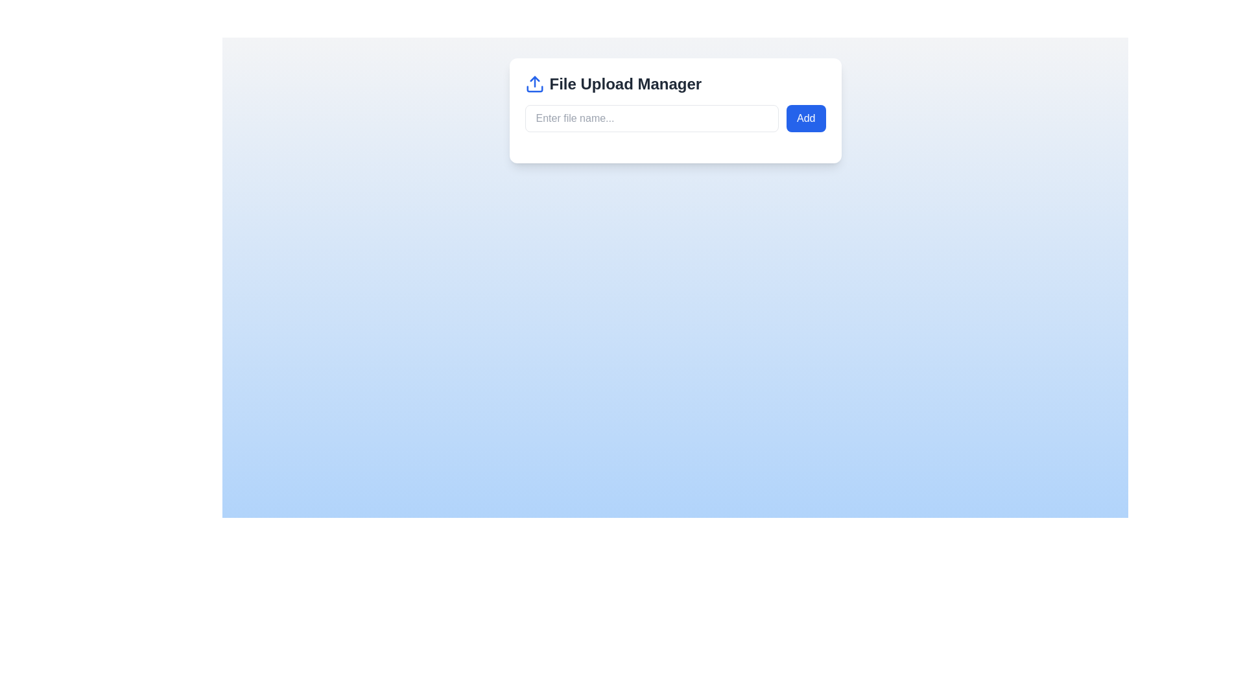 Image resolution: width=1245 pixels, height=700 pixels. Describe the element at coordinates (674, 84) in the screenshot. I see `the 'File Upload Manager' static text element, which is styled in bold and large font with a blue upload icon to its left` at that location.